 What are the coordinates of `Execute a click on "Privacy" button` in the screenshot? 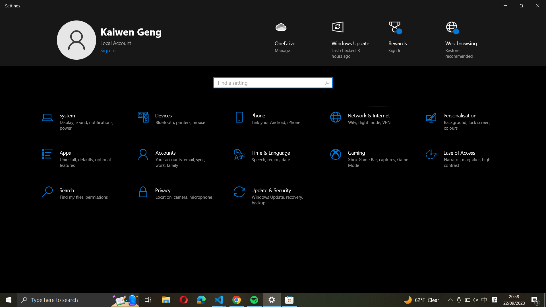 It's located at (177, 193).